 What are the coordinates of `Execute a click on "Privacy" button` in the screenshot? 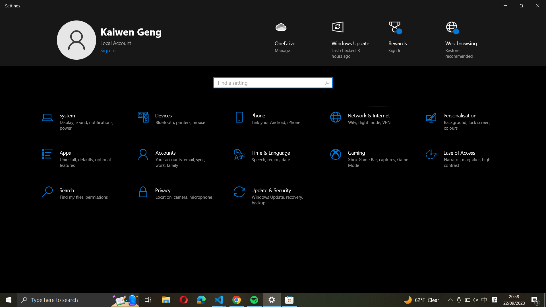 It's located at (177, 193).